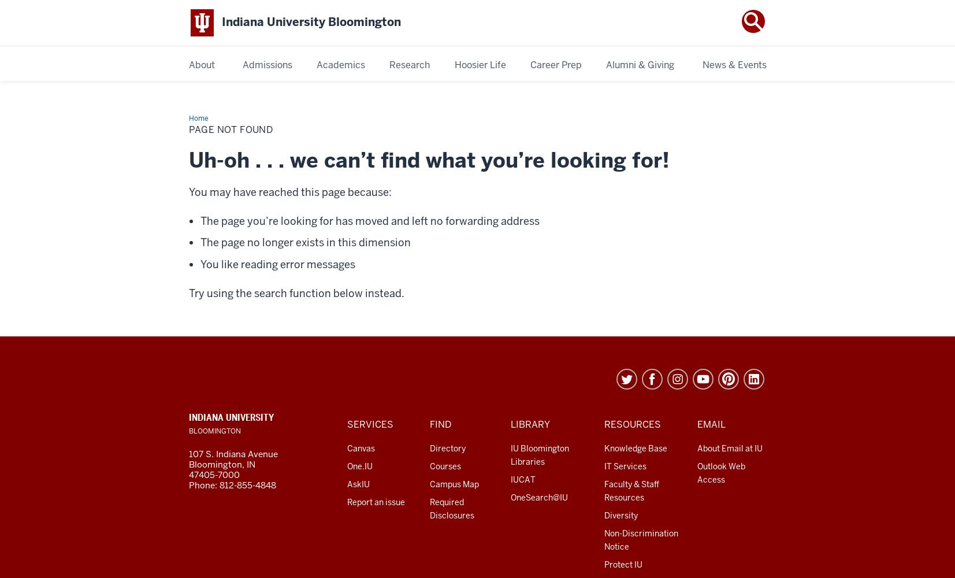  Describe the element at coordinates (408, 64) in the screenshot. I see `'Research'` at that location.